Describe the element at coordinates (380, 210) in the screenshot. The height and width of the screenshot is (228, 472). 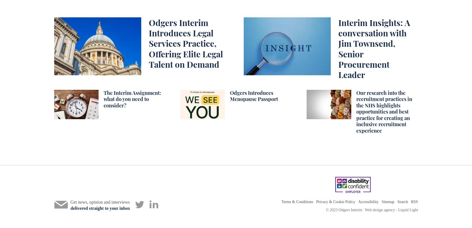
I see `'Web design agency'` at that location.